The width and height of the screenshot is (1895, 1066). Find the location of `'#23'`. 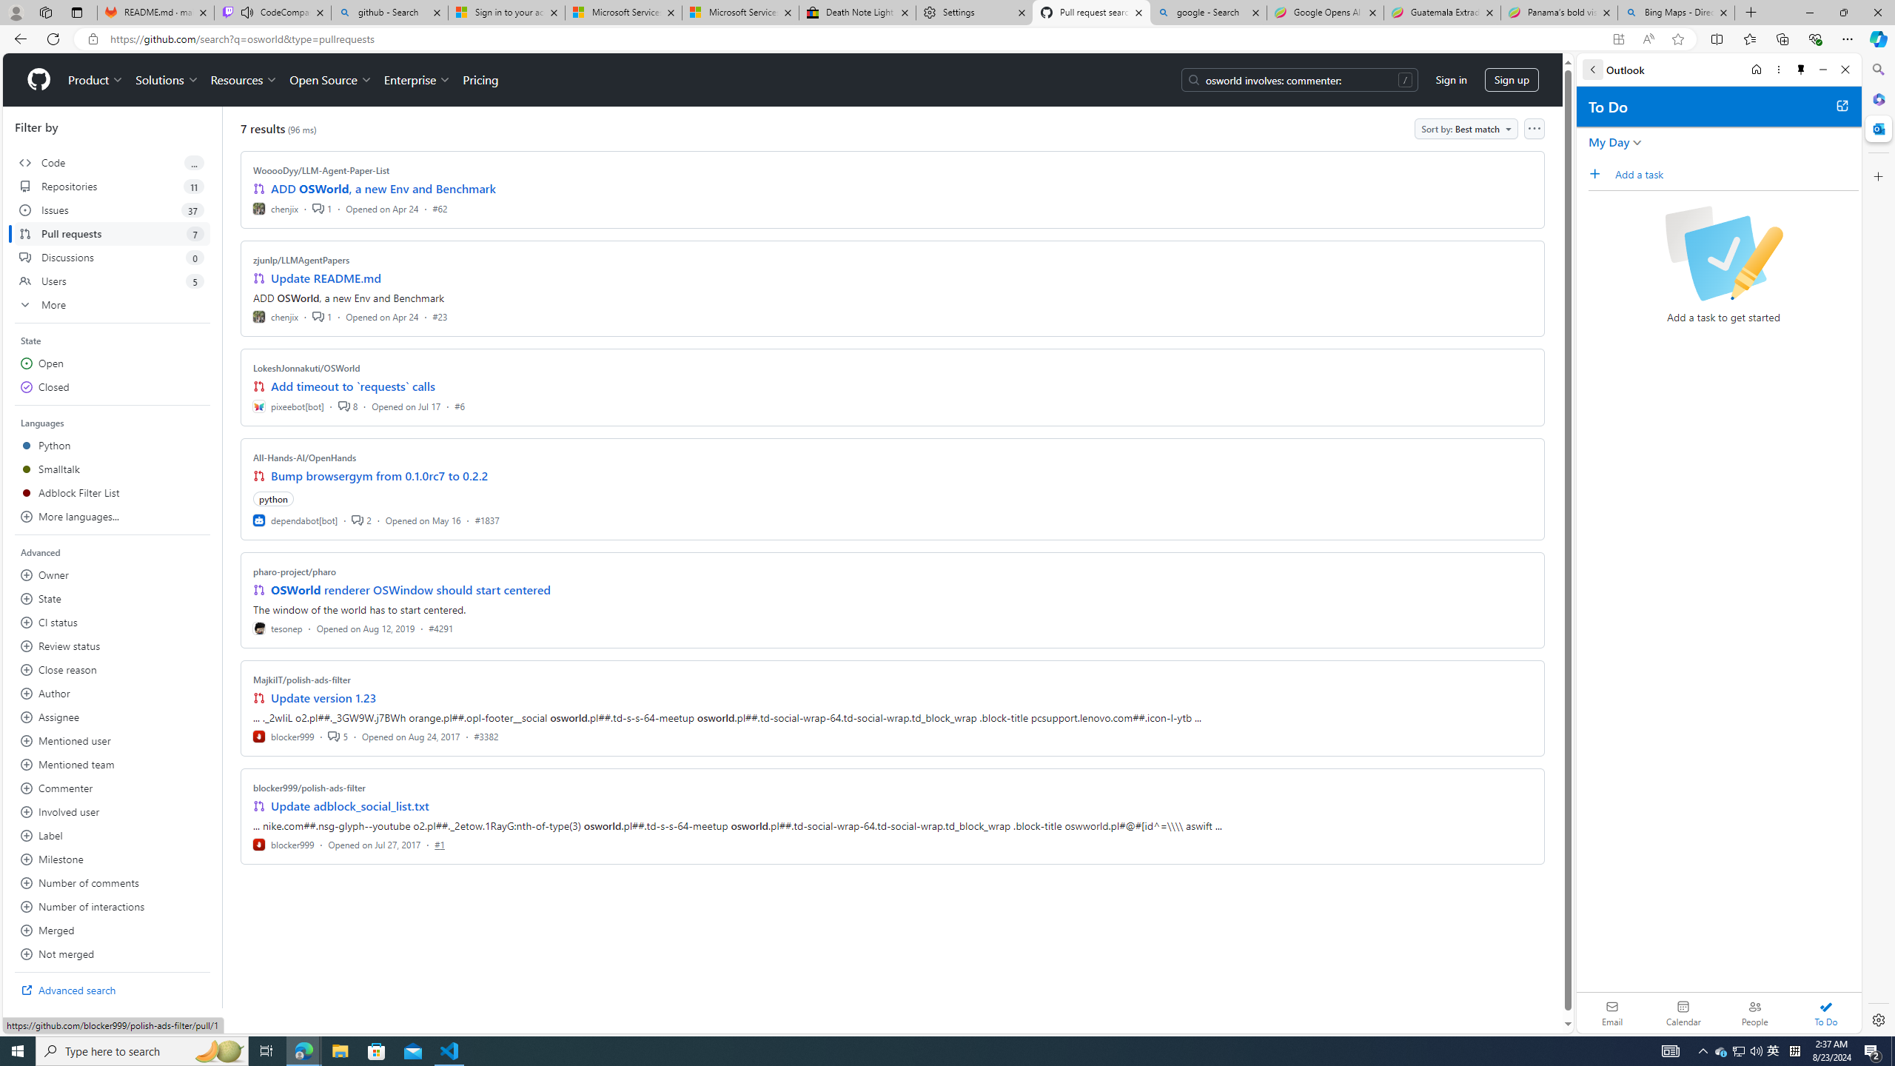

'#23' is located at coordinates (438, 315).